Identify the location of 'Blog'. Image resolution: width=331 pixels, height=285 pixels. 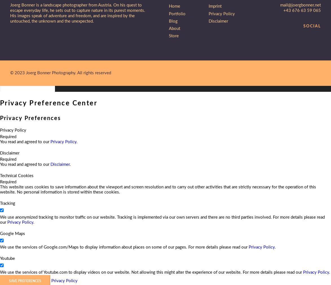
(173, 21).